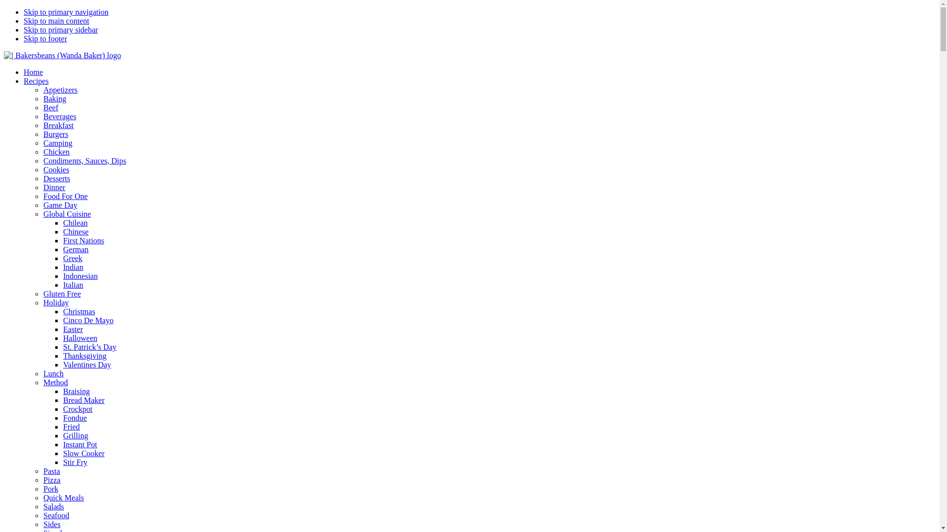  What do you see at coordinates (62, 55) in the screenshot?
I see `'| Bakersbeans (Wanda Baker)'` at bounding box center [62, 55].